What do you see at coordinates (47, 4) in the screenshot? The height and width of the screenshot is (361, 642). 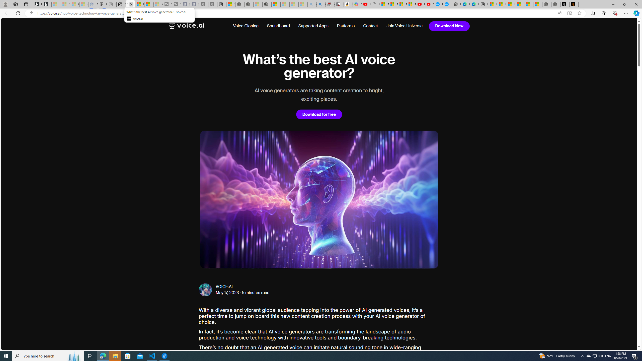 I see `'Newsletter Sign Up'` at bounding box center [47, 4].